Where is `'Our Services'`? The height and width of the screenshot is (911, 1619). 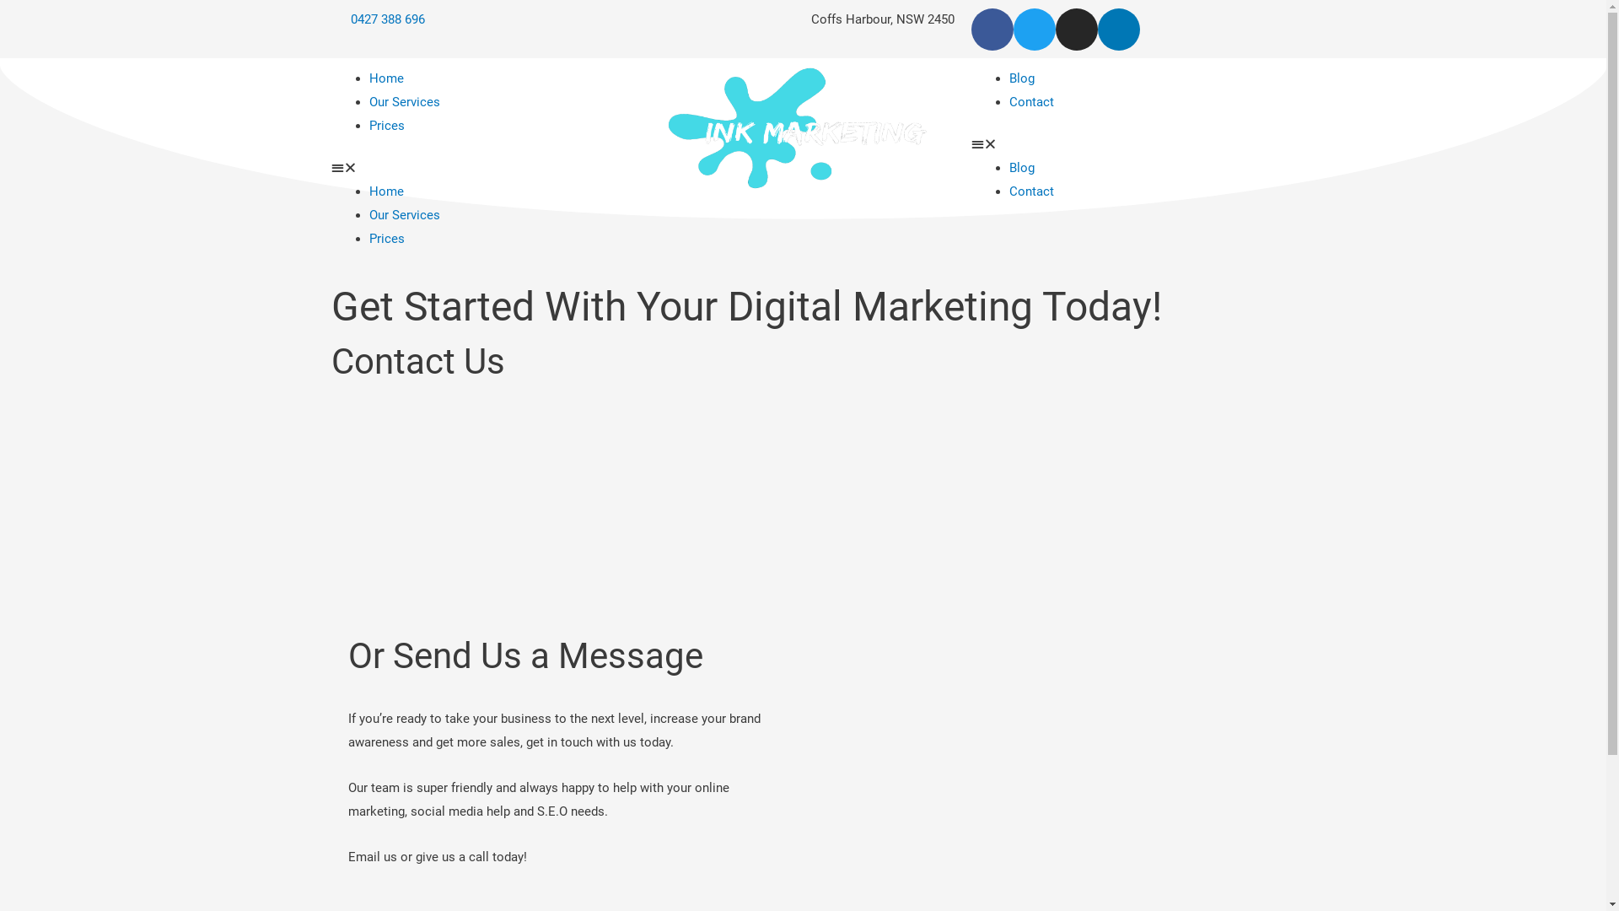 'Our Services' is located at coordinates (405, 101).